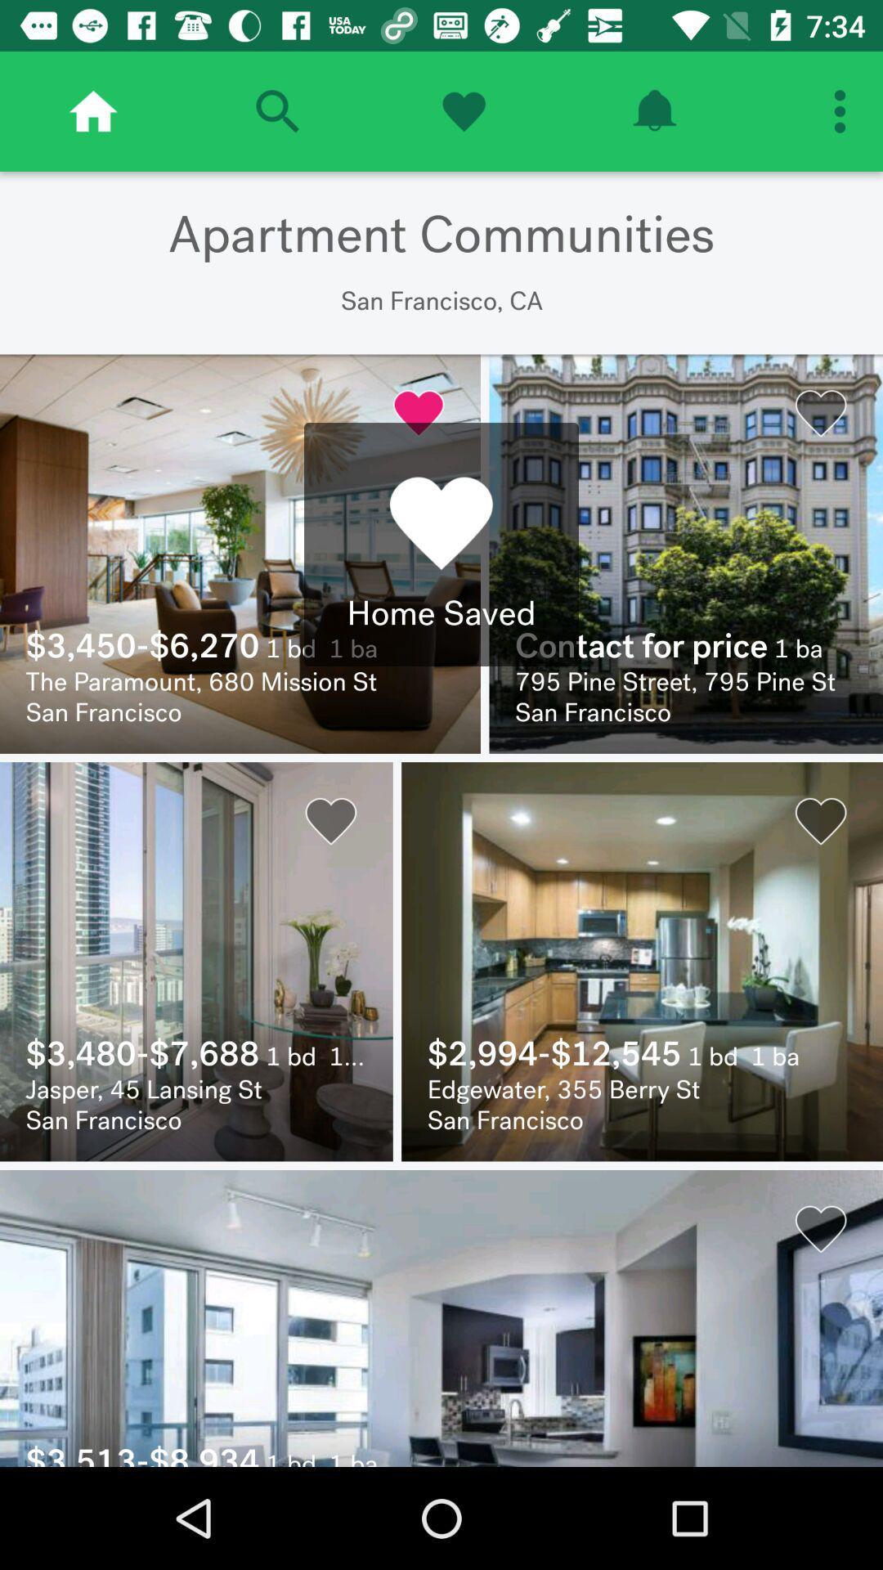  I want to click on home page, so click(93, 110).